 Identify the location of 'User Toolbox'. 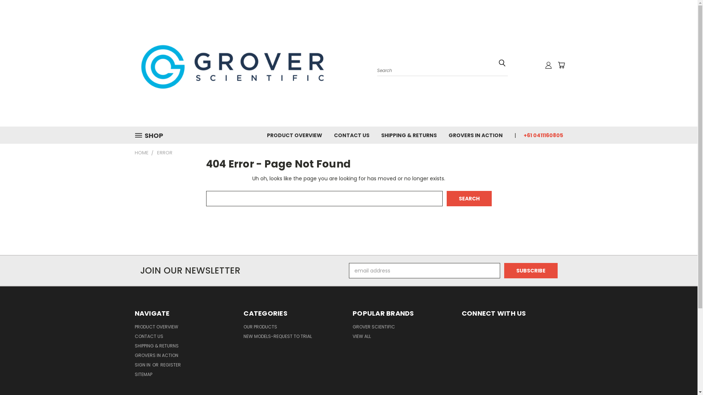
(545, 64).